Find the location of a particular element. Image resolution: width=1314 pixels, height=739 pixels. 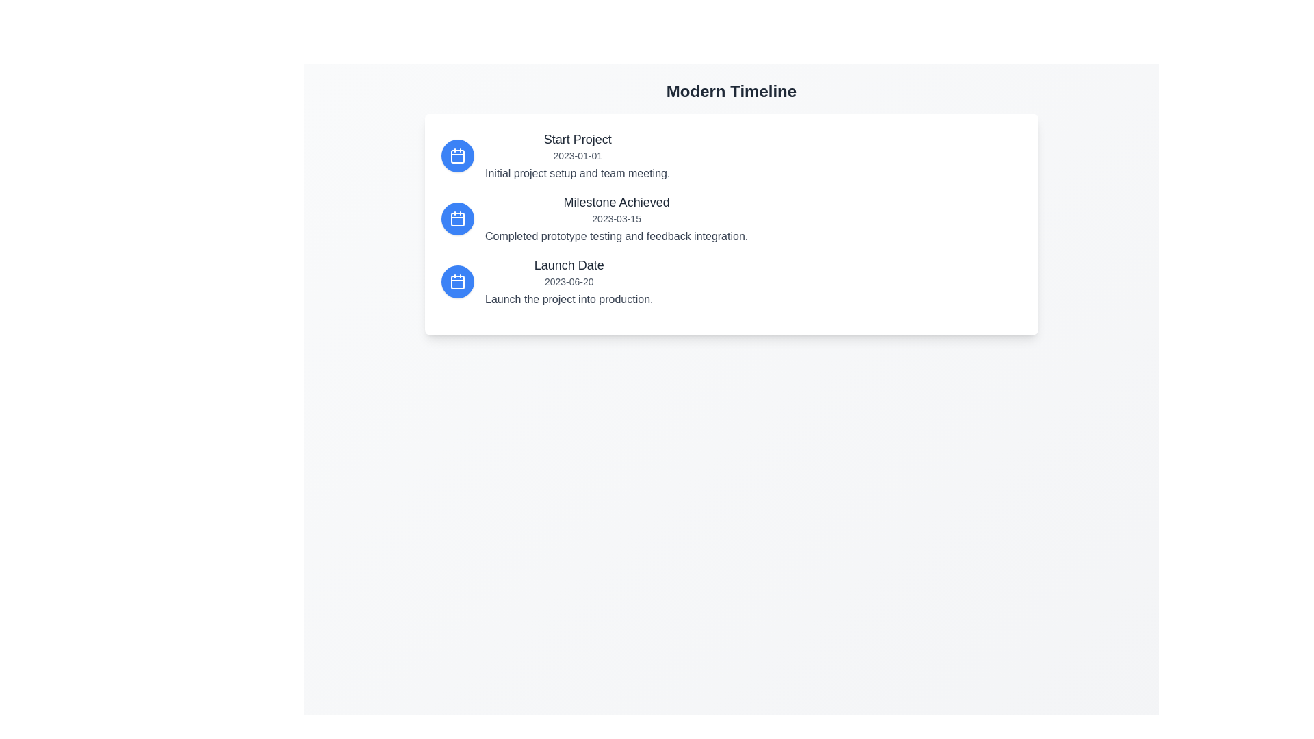

information displayed in the Text Display with Descriptive Content element, which shows 'Milestone Achieved', the date '2023-03-15', and the description 'Completed prototype testing and feedback integration.' is located at coordinates (616, 218).